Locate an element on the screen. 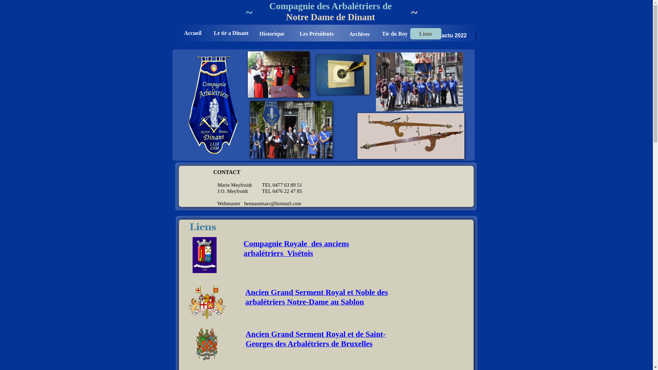  'Le tir a Dinant' is located at coordinates (231, 33).